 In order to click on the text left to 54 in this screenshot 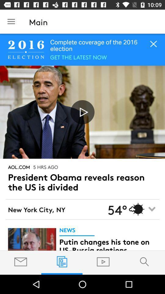, I will do `click(57, 209)`.